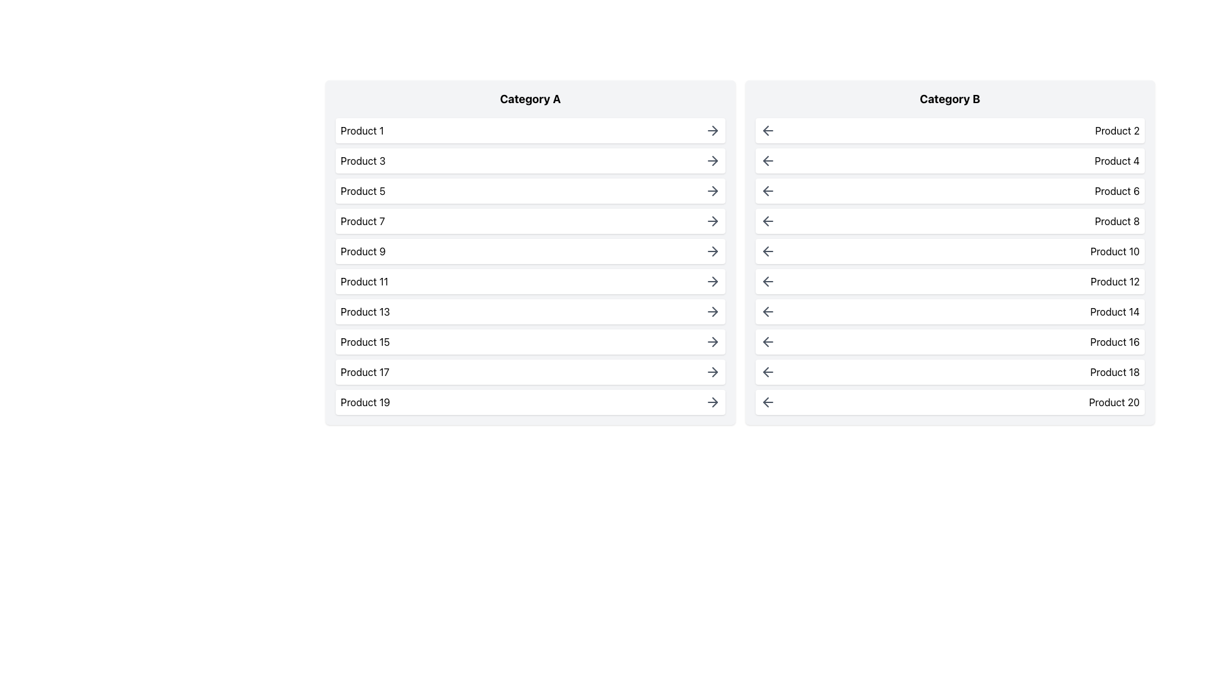 The height and width of the screenshot is (679, 1207). Describe the element at coordinates (715, 371) in the screenshot. I see `the interactive SVG icon` at that location.